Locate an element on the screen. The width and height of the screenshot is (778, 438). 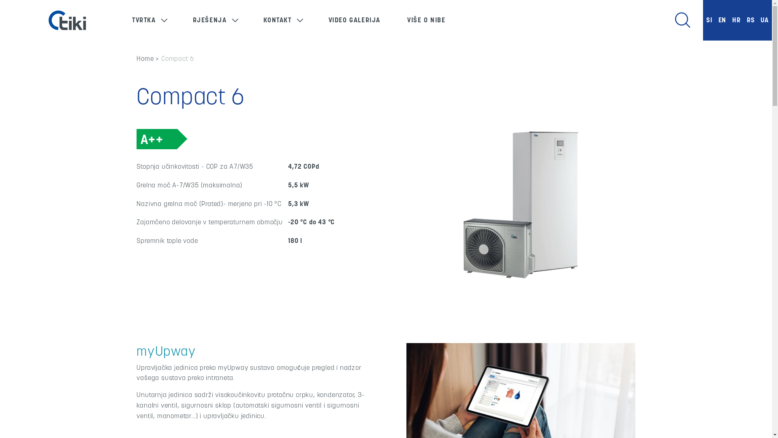
'UA' is located at coordinates (764, 20).